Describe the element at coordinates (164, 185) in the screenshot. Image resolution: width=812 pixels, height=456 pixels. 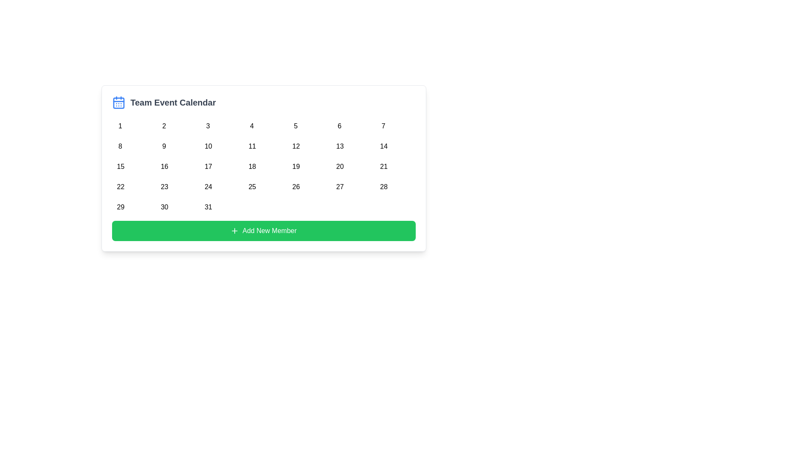
I see `the selectable day button for the 23rd day of the month located in the second position of the fourth row in the calendar grid below 'Team Event Calendar'` at that location.